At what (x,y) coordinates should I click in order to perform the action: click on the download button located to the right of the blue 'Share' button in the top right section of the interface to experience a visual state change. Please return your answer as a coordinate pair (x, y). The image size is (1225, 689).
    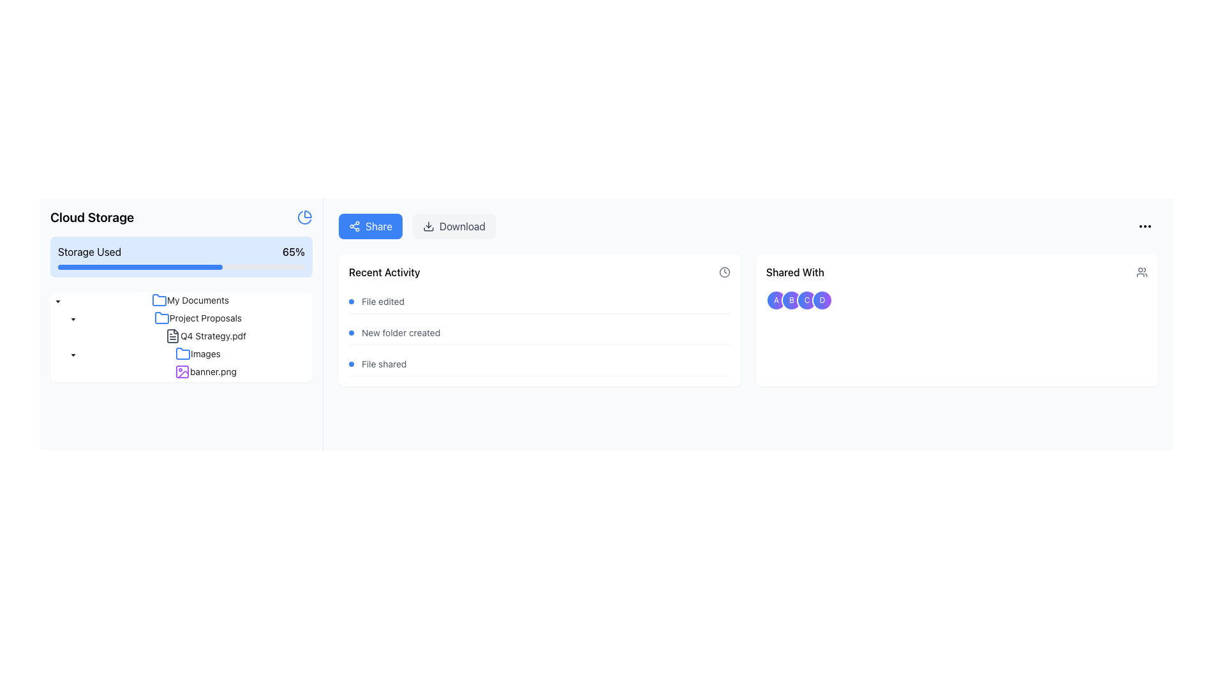
    Looking at the image, I should click on (454, 225).